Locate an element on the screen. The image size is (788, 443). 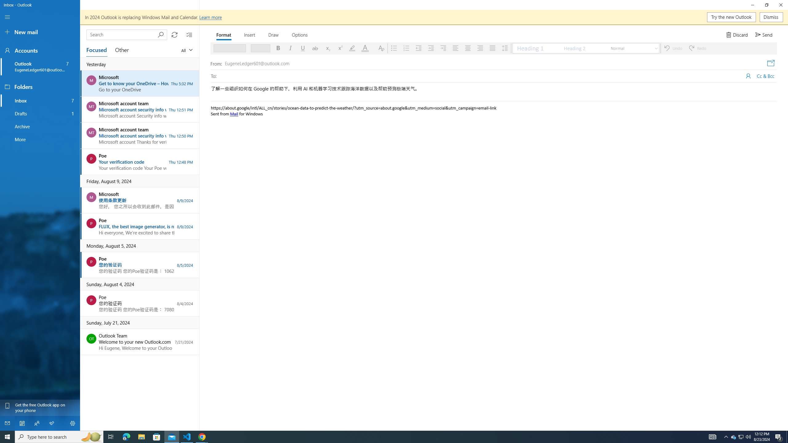
'Strikethrough' is located at coordinates (315, 48).